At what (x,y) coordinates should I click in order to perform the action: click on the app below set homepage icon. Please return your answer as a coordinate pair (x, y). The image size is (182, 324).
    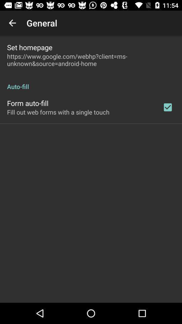
    Looking at the image, I should click on (91, 59).